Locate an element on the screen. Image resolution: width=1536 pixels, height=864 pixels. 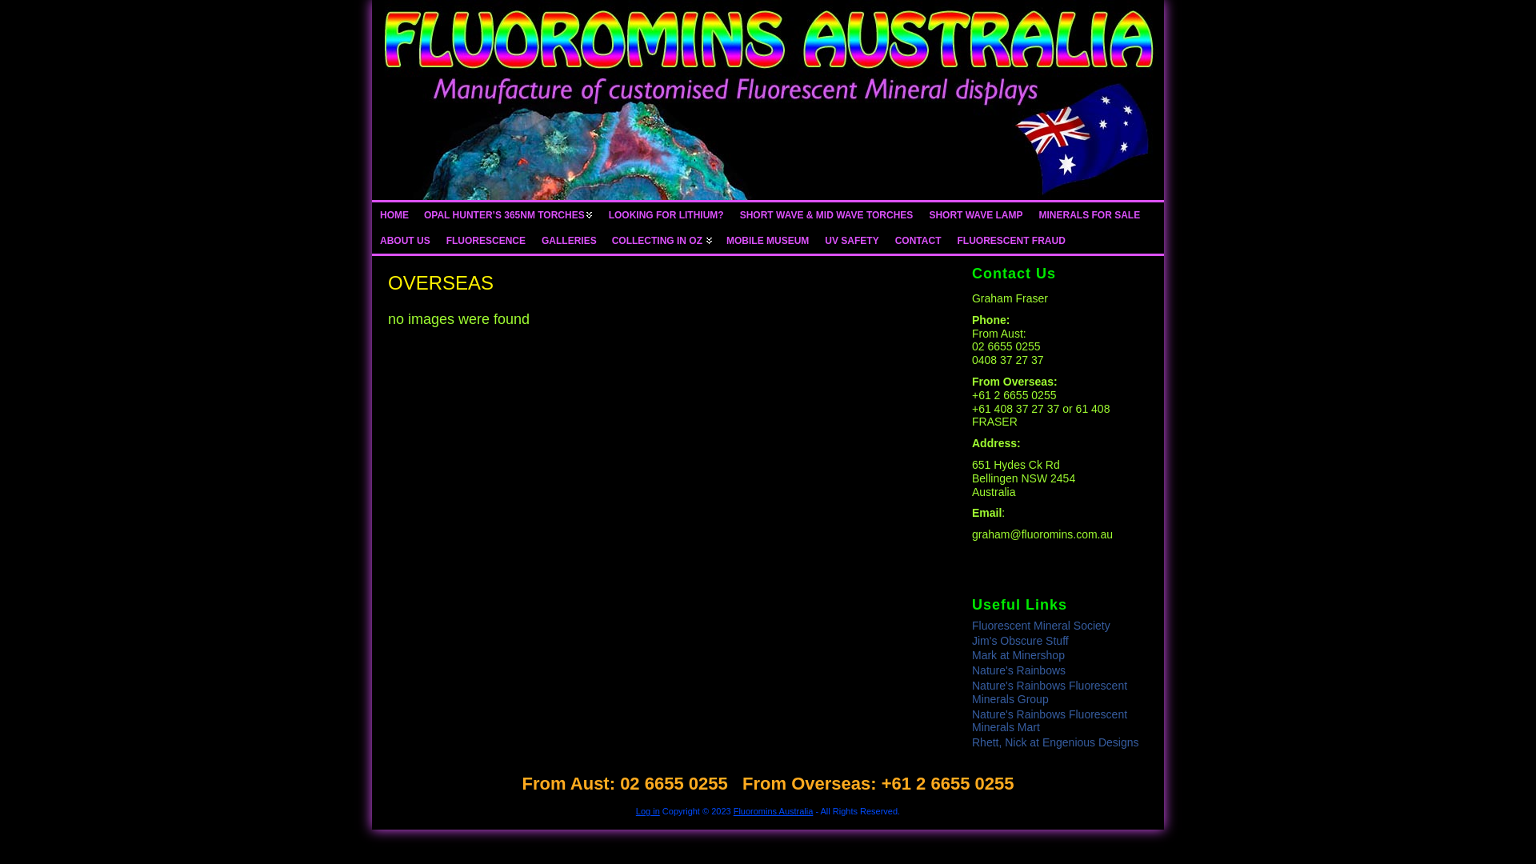
'FLUORESCENCE' is located at coordinates (438, 240).